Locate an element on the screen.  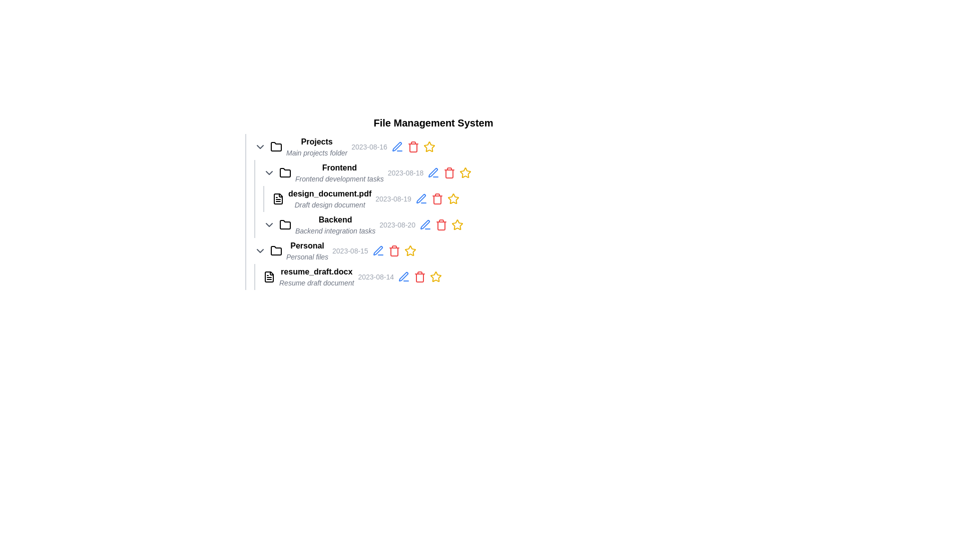
the star icon used for favoriting the 'design_document.pdf' is located at coordinates (452, 198).